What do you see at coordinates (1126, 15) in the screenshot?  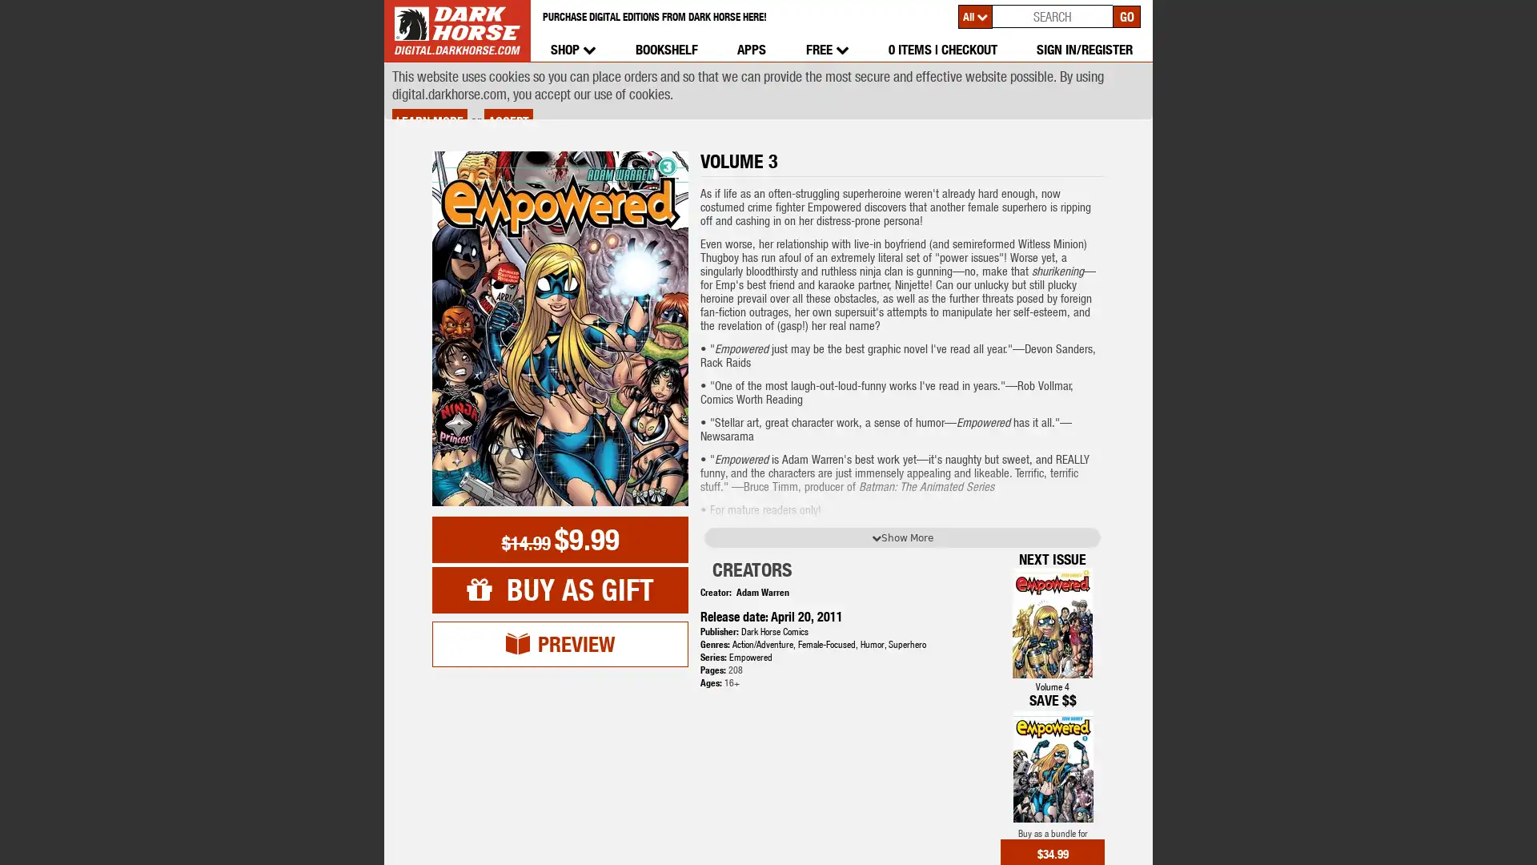 I see `GO` at bounding box center [1126, 15].